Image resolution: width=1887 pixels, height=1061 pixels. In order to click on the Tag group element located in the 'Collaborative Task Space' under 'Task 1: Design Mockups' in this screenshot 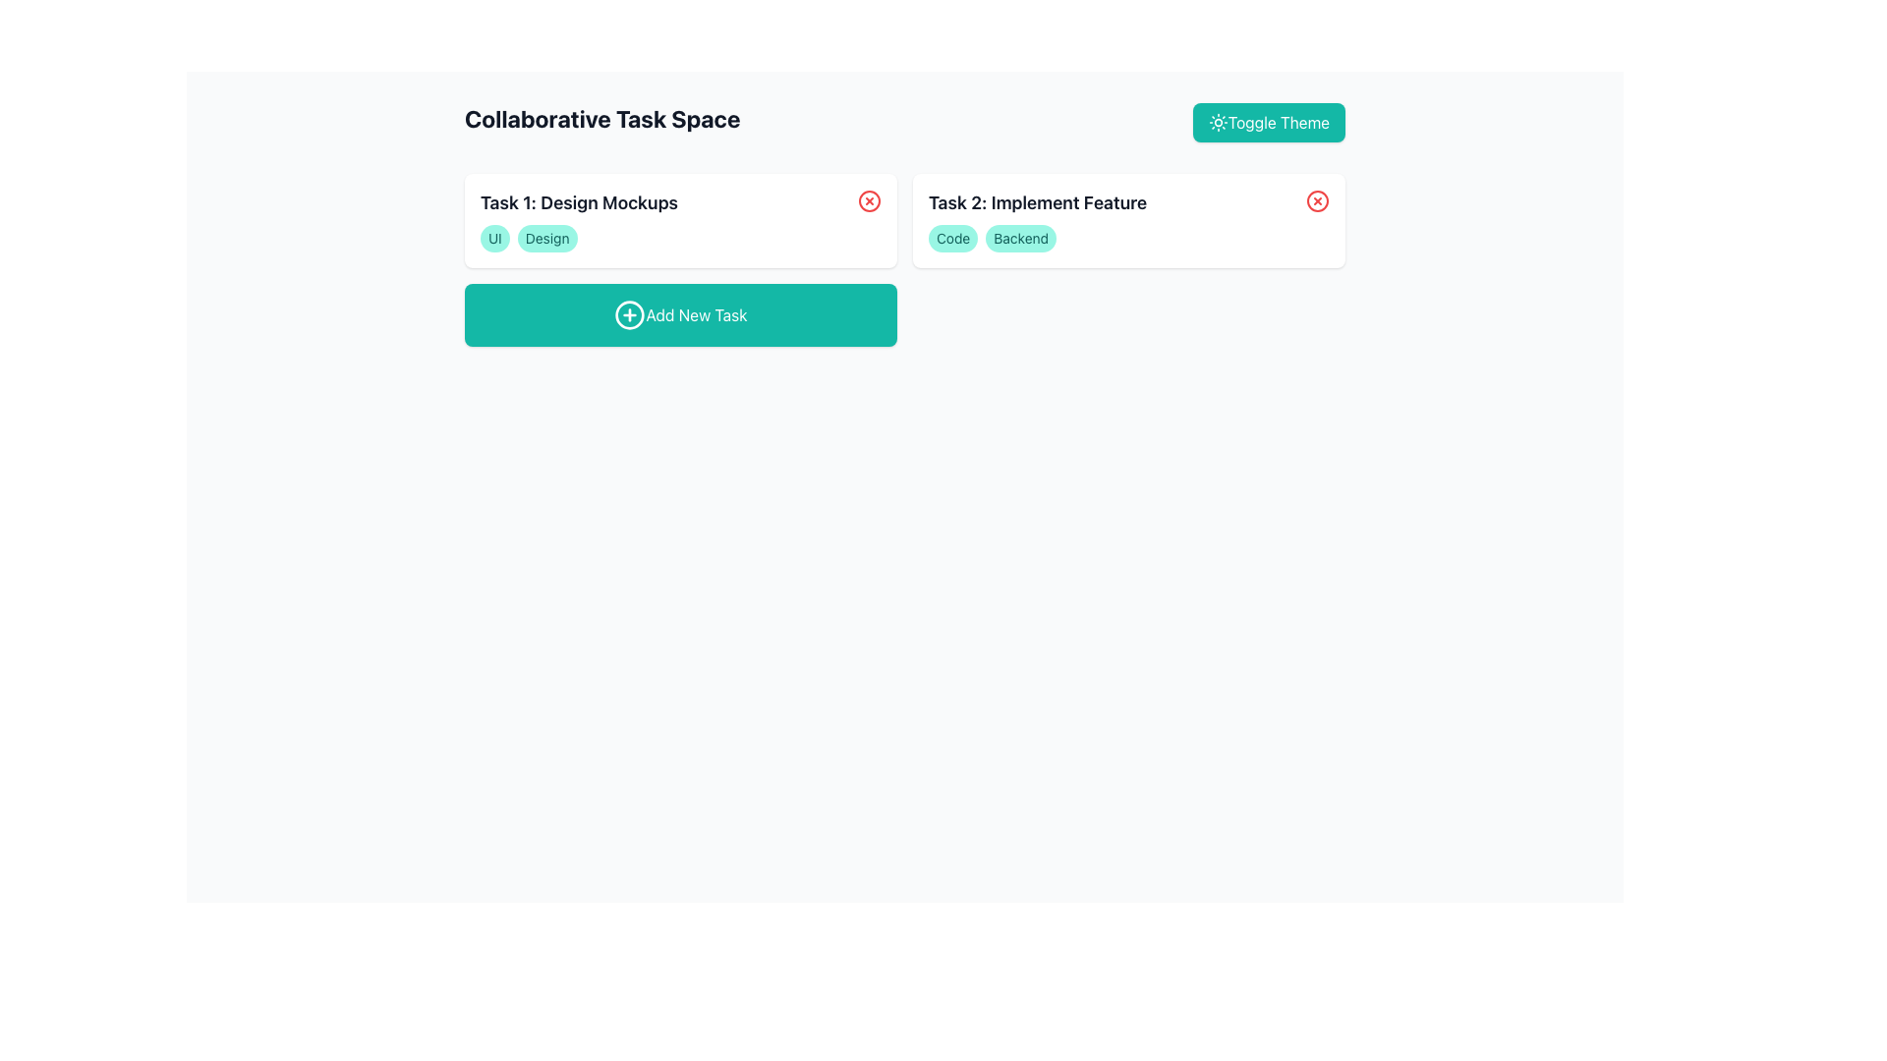, I will do `click(680, 238)`.